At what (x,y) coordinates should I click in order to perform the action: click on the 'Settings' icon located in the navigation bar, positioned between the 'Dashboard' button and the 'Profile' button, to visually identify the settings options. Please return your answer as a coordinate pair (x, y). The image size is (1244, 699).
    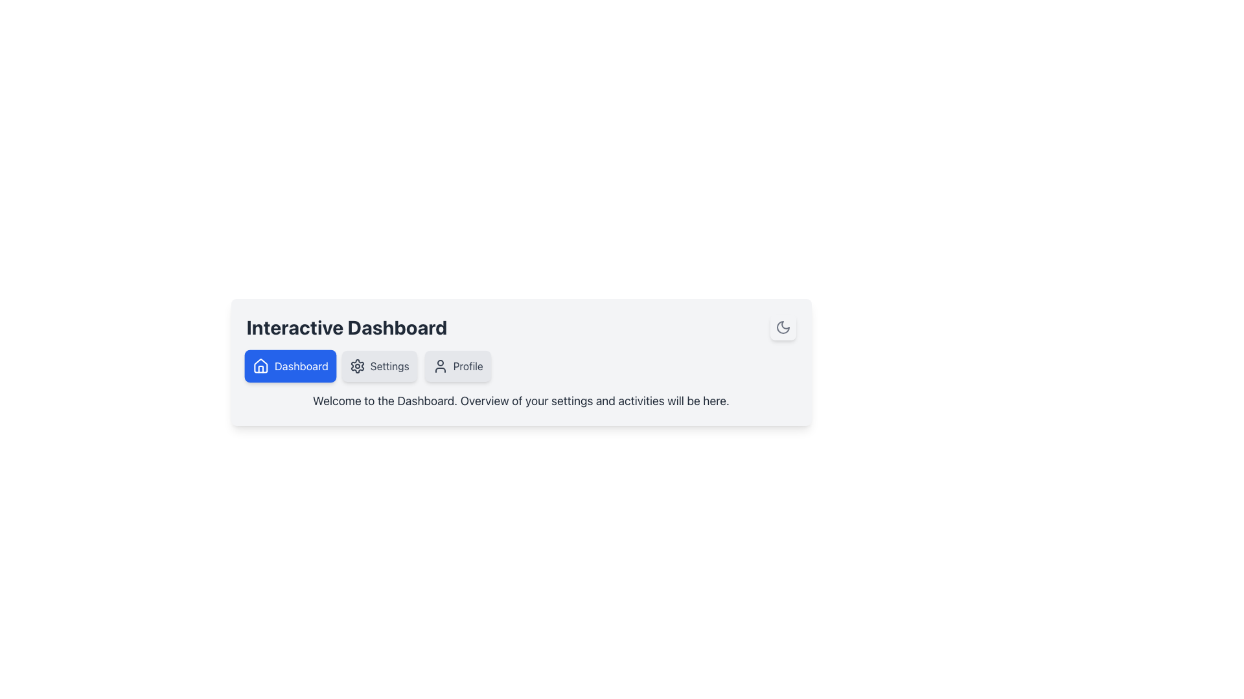
    Looking at the image, I should click on (357, 366).